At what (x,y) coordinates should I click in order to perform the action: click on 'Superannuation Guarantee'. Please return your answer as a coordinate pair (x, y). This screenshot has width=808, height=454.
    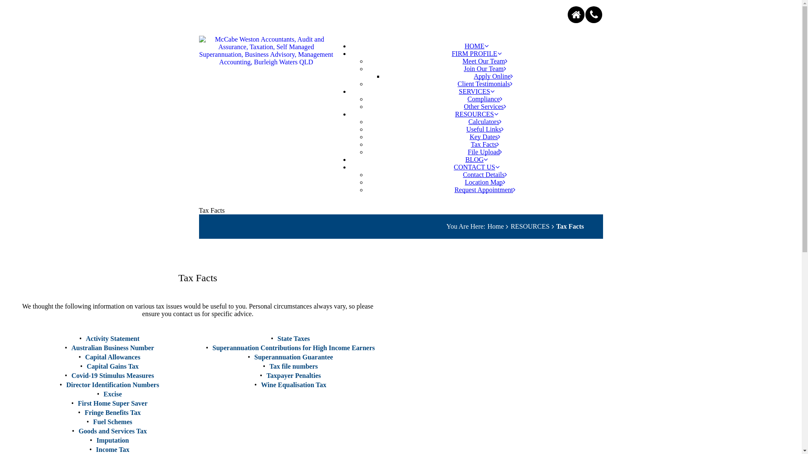
    Looking at the image, I should click on (293, 357).